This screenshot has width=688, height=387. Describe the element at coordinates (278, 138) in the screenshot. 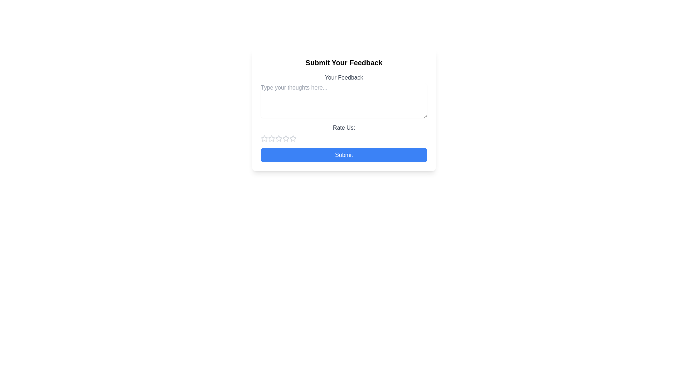

I see `the second star icon in the rating system` at that location.